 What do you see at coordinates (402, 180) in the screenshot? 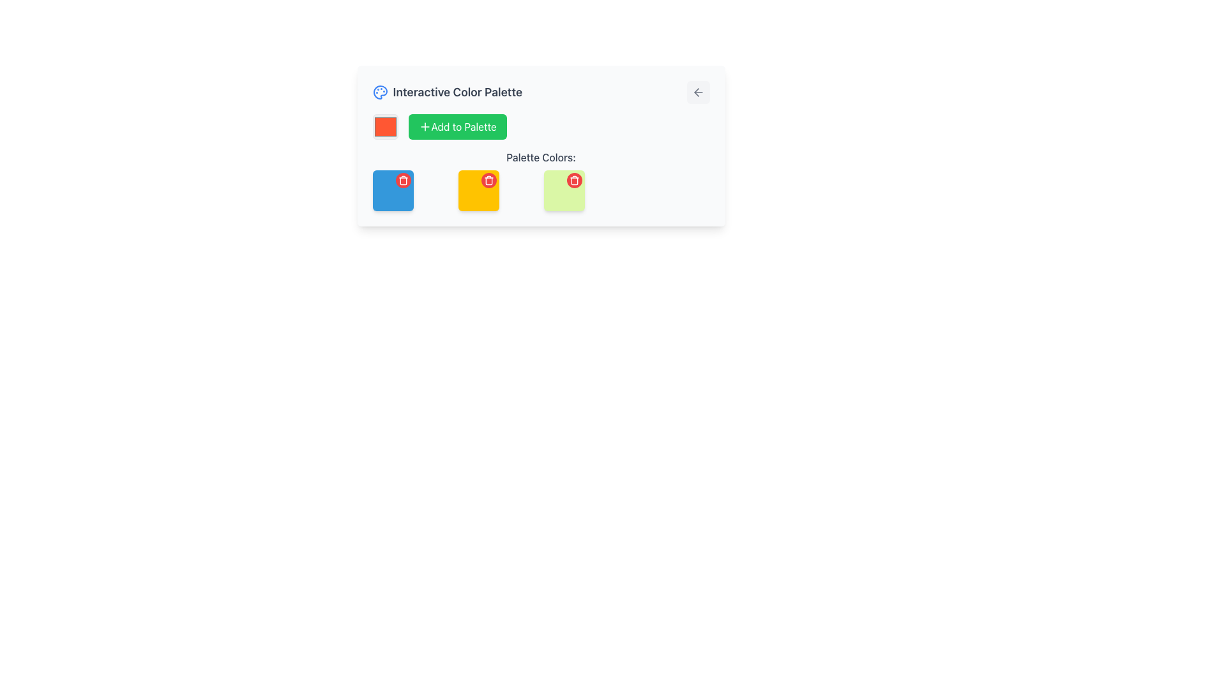
I see `the delete icon located in the upper-right corner of the palette section` at bounding box center [402, 180].